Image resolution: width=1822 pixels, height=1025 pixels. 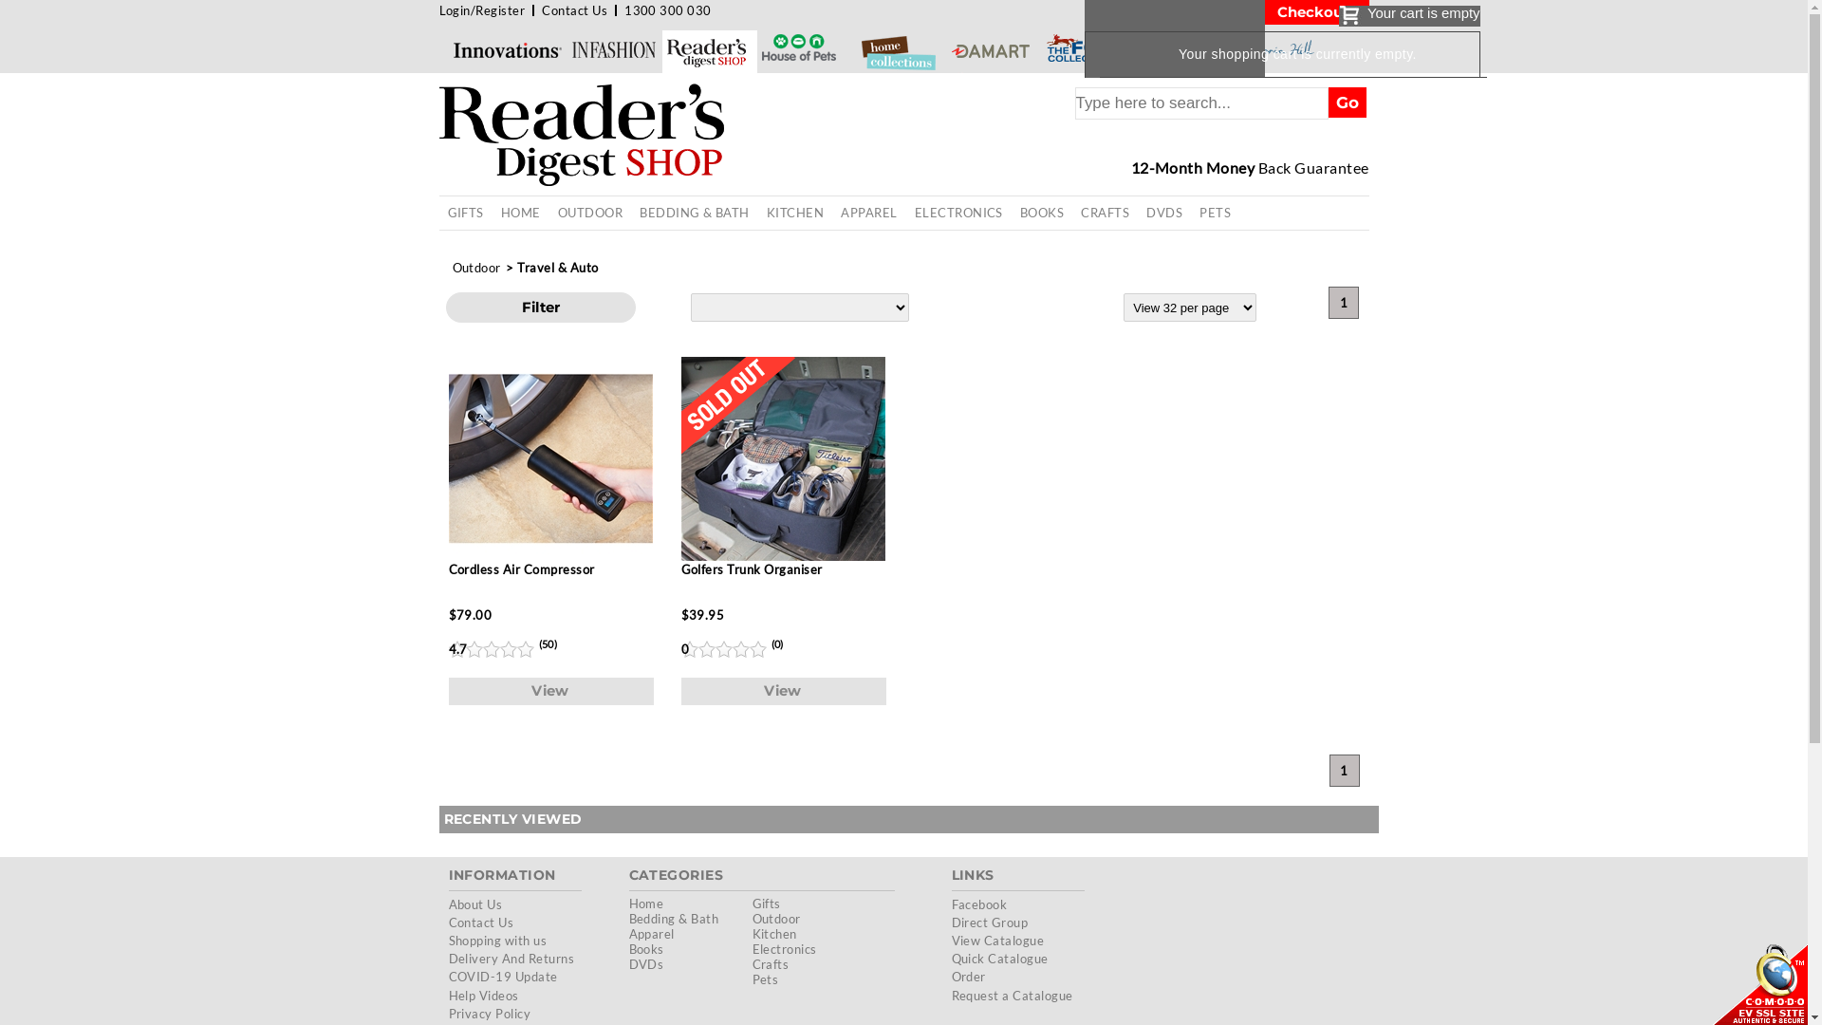 I want to click on 'DVDS', so click(x=1163, y=213).